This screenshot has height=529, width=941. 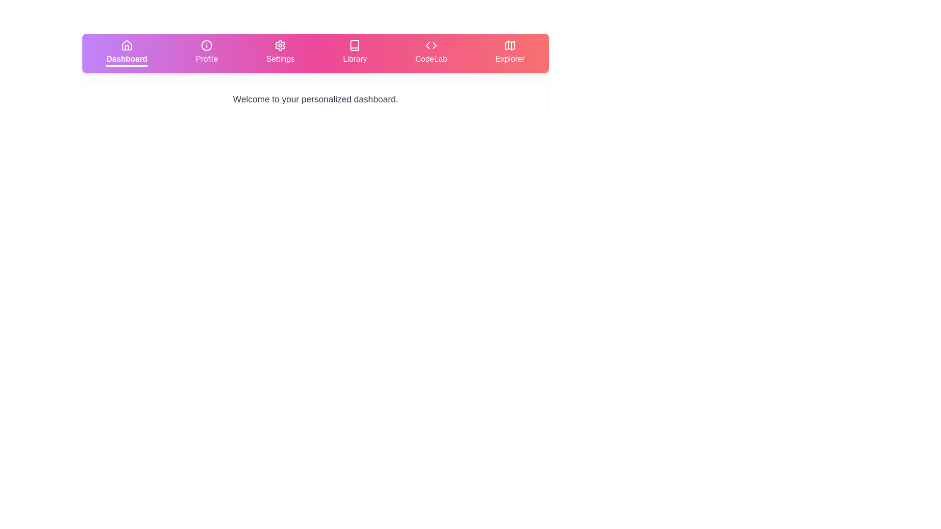 I want to click on the tab labeled CodeLab to display its content, so click(x=431, y=53).